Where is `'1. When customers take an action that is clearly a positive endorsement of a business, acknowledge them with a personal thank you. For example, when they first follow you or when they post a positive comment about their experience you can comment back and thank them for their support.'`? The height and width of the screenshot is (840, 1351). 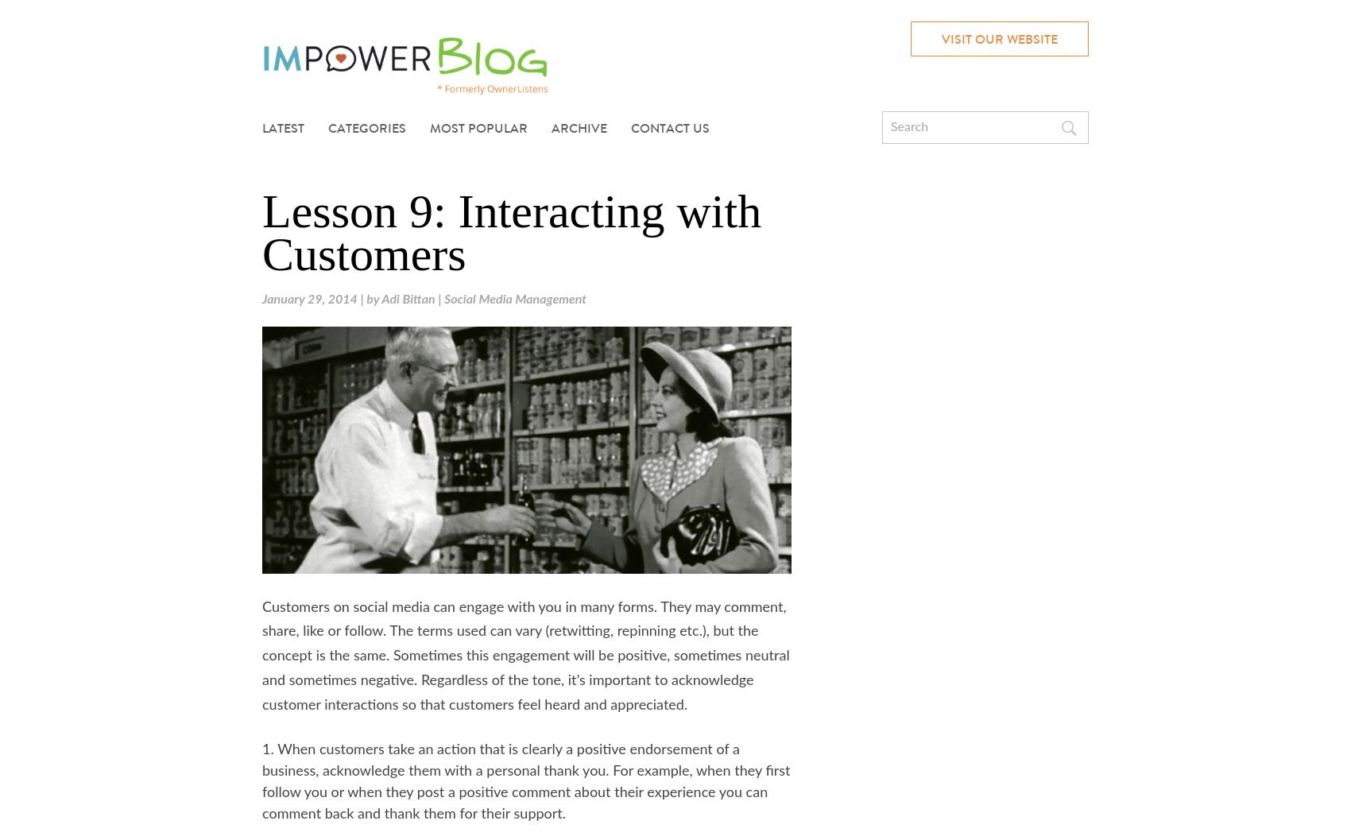
'1. When customers take an action that is clearly a positive endorsement of a business, acknowledge them with a personal thank you. For example, when they first follow you or when they post a positive comment about their experience you can comment back and thank them for their support.' is located at coordinates (525, 780).